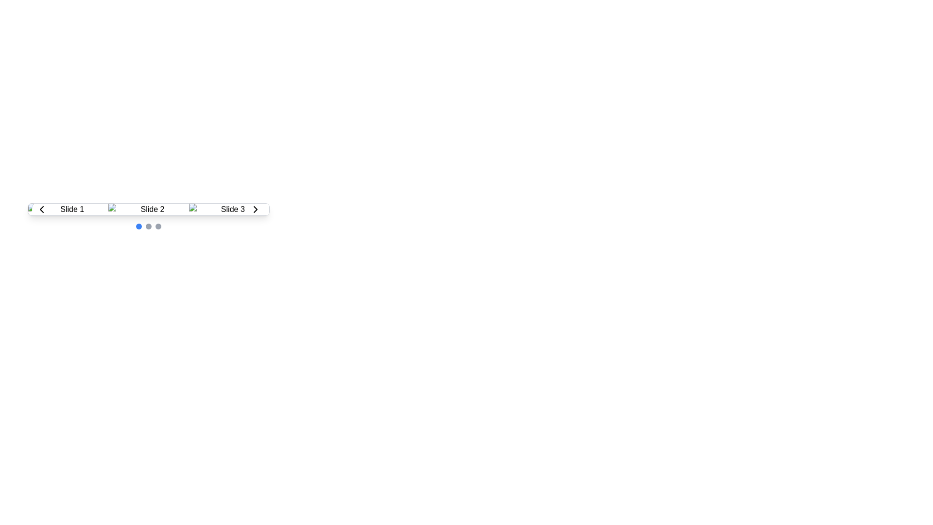  What do you see at coordinates (41, 209) in the screenshot?
I see `the navigation chevron or arrow located at the top-left corner of the carousel interface` at bounding box center [41, 209].